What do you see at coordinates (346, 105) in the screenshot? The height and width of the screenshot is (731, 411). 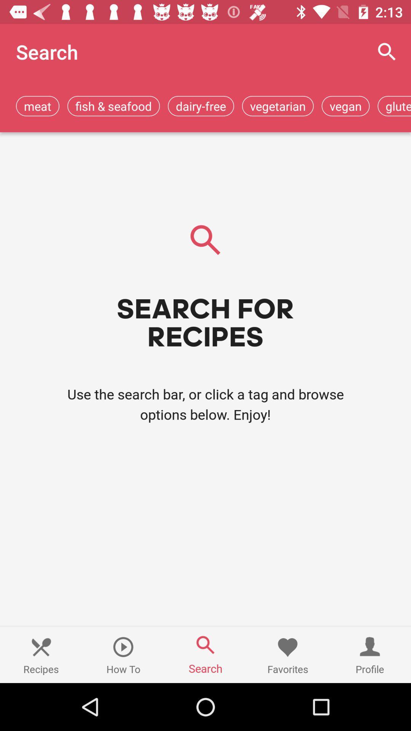 I see `app to the left of gluten-free app` at bounding box center [346, 105].